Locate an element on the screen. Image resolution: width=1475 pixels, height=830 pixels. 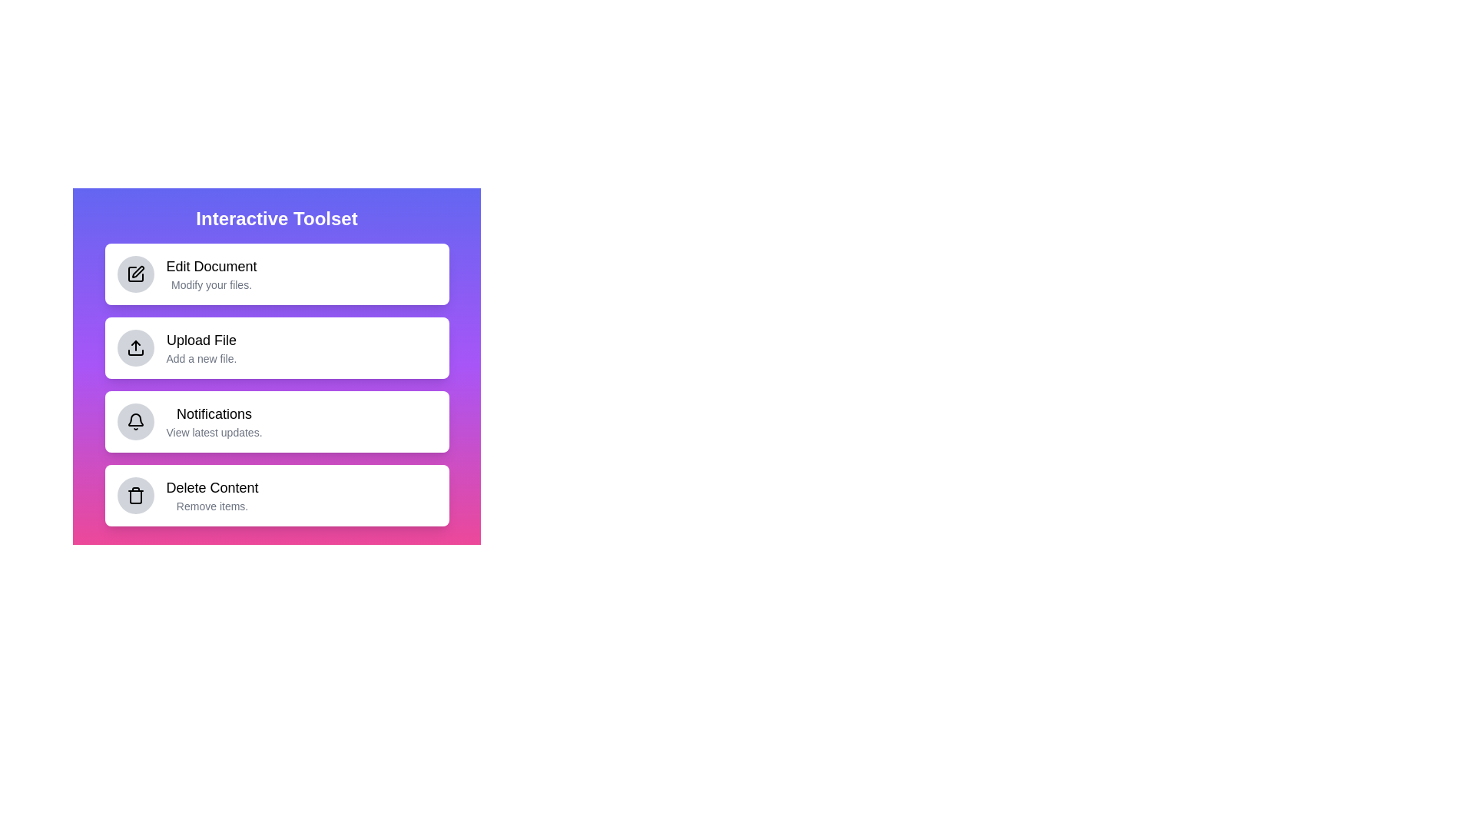
the menu item labeled 'Notifications' to trigger its animation effect is located at coordinates (277, 421).